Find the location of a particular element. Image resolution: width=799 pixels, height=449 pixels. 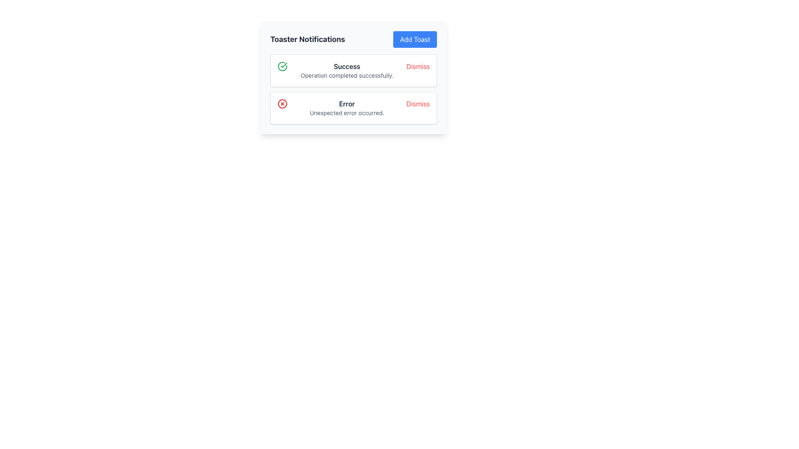

the notification message titled 'Success' with the subtext 'Operation completed successfully.' is located at coordinates (347, 70).